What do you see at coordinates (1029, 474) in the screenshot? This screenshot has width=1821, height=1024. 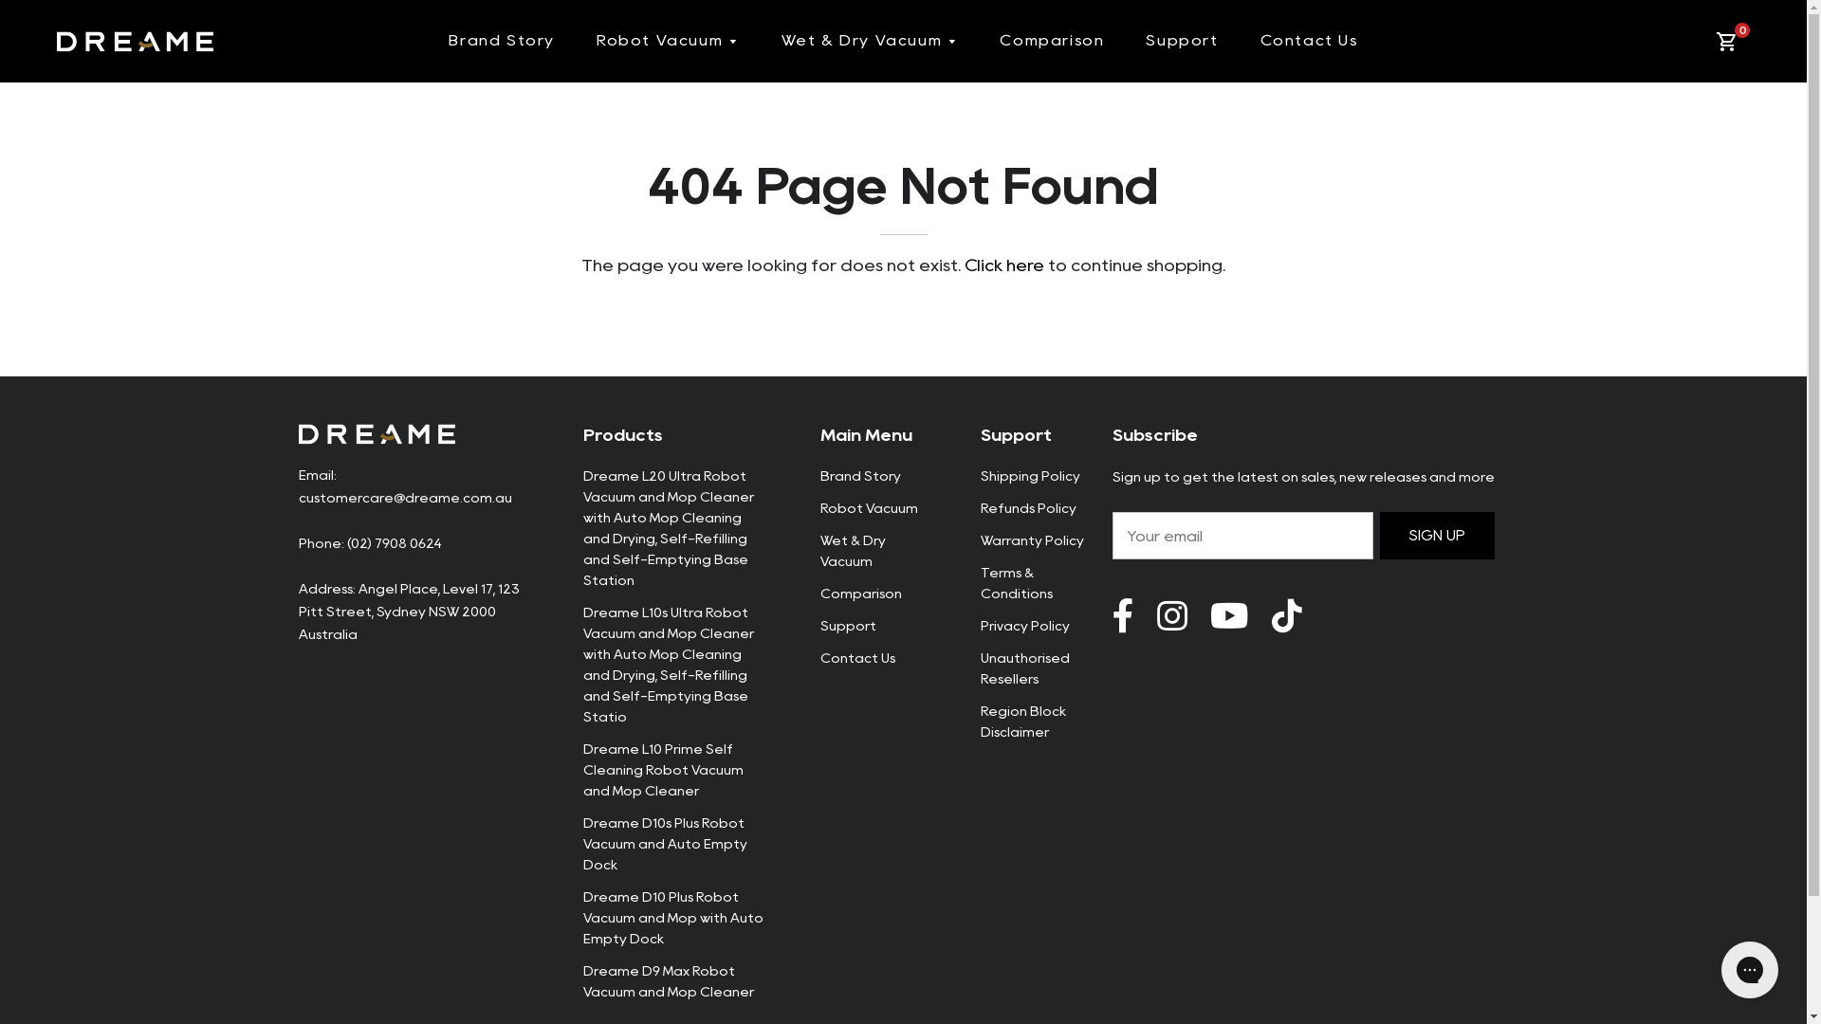 I see `'Shipping Policy'` at bounding box center [1029, 474].